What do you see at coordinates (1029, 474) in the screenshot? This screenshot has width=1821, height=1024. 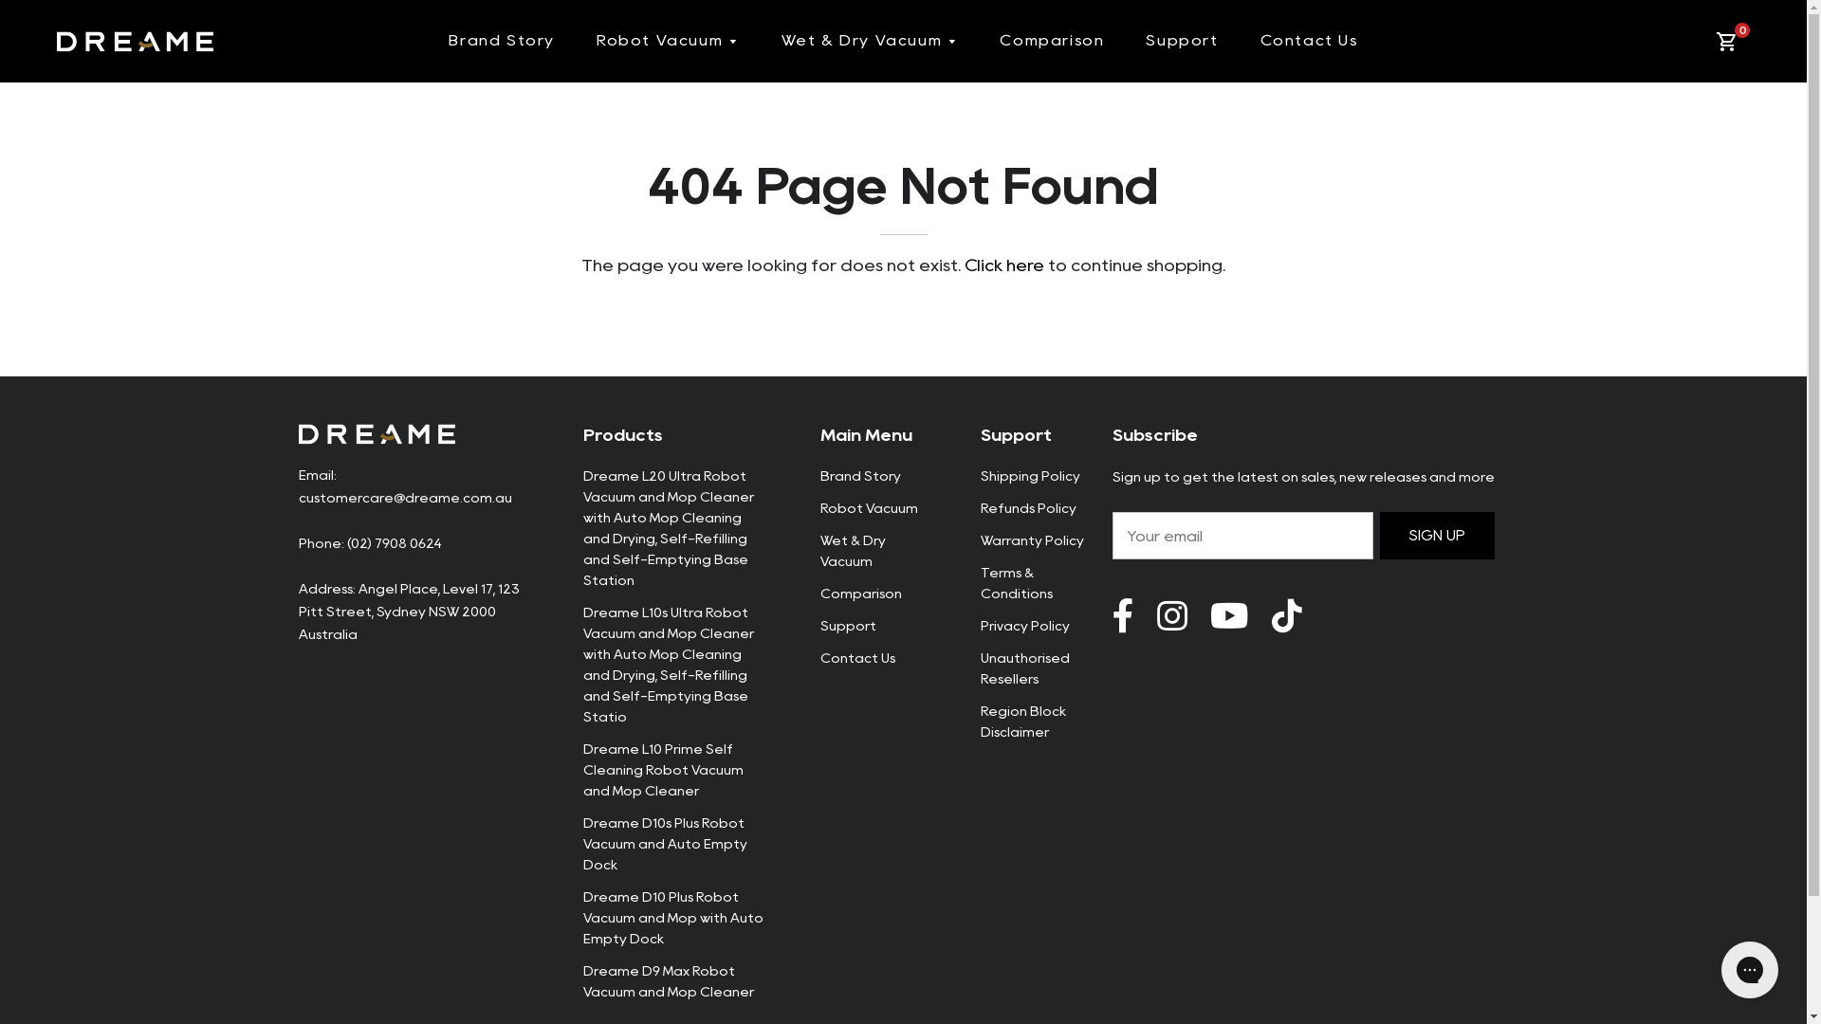 I see `'Shipping Policy'` at bounding box center [1029, 474].